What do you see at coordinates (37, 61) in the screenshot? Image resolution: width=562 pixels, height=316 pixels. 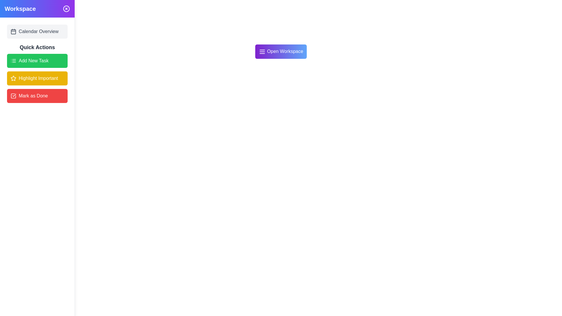 I see `the green rectangular button labeled 'Add New Task' located in the 'Quick Actions' section` at bounding box center [37, 61].